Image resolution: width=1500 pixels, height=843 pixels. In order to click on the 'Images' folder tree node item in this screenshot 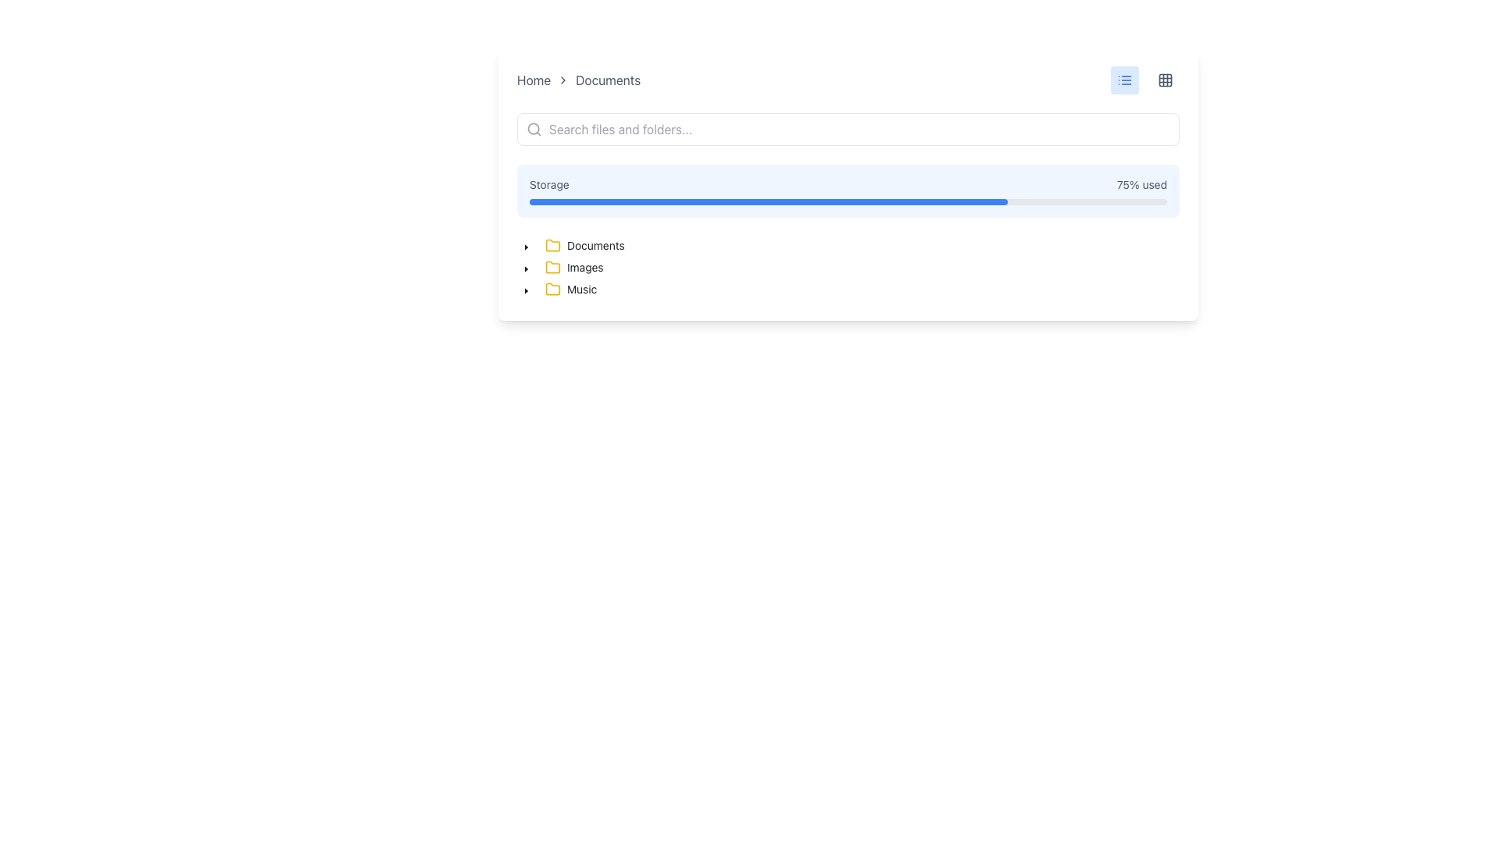, I will do `click(573, 267)`.